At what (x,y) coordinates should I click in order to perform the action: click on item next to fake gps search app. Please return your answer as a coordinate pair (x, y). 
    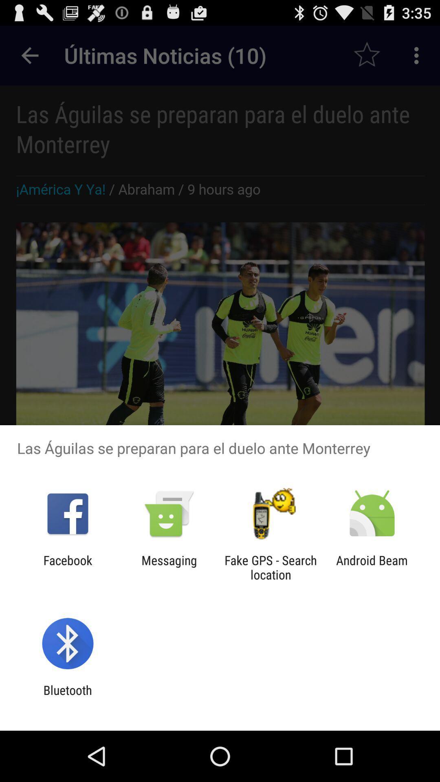
    Looking at the image, I should click on (169, 567).